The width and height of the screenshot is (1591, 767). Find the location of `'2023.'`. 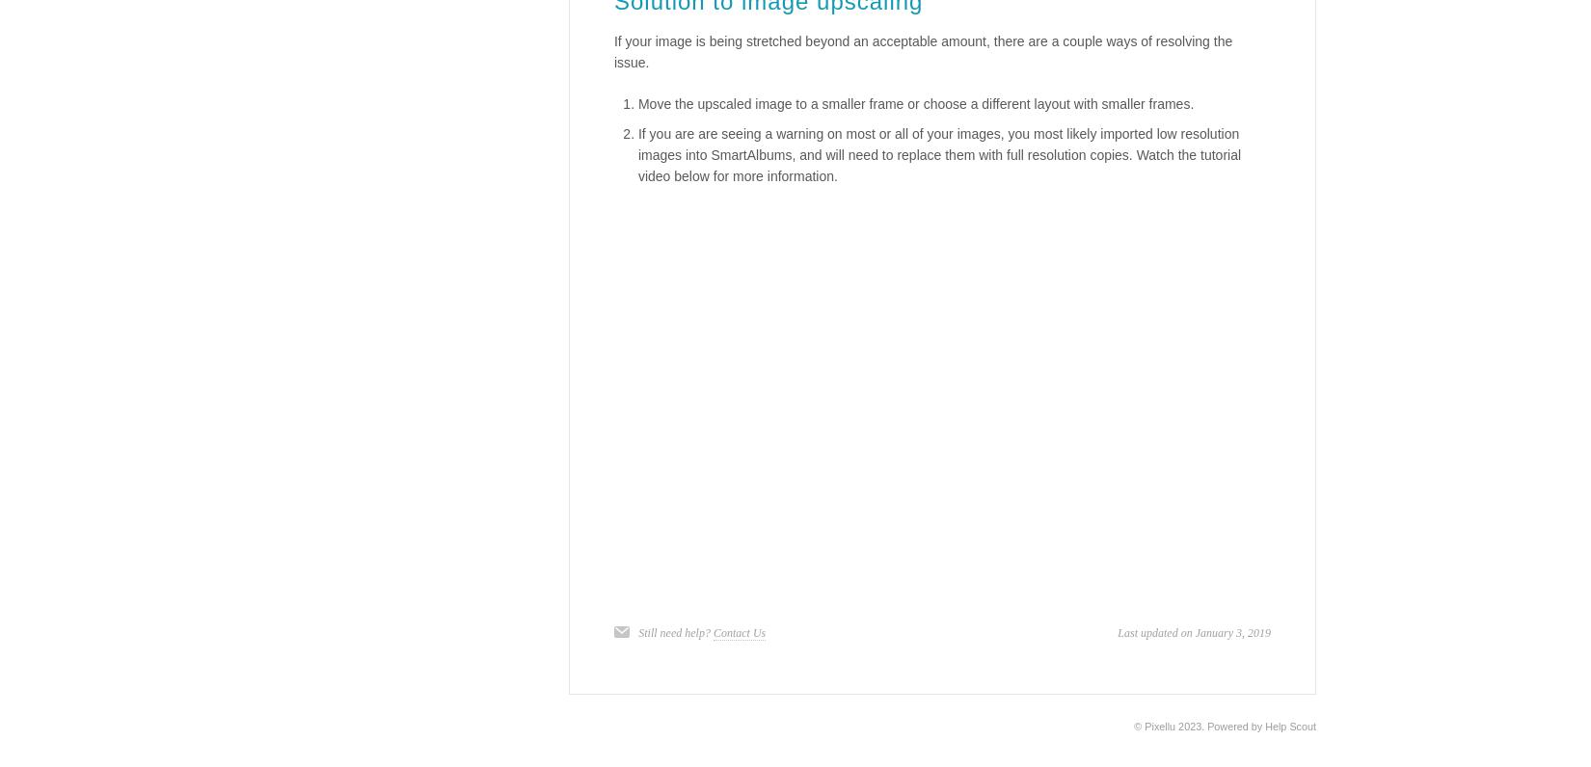

'2023.' is located at coordinates (1191, 725).